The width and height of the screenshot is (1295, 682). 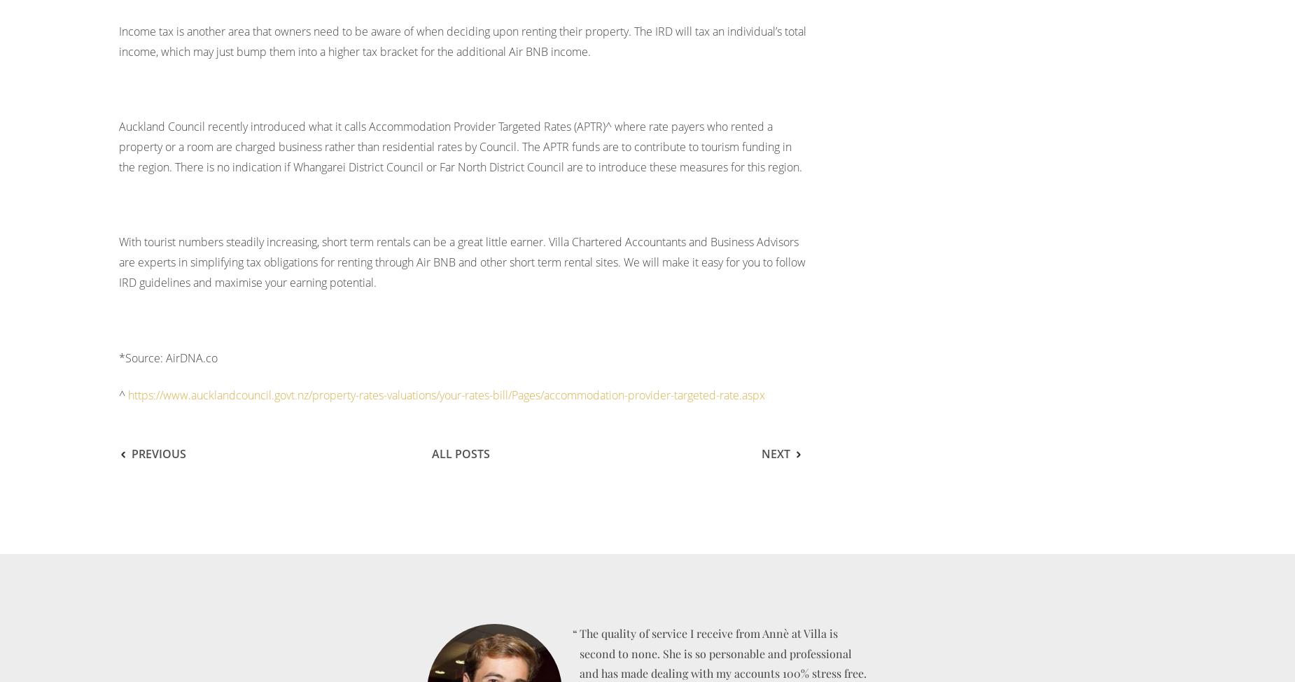 What do you see at coordinates (462, 261) in the screenshot?
I see `'With tourist numbers steadily increasing, short term rentals can be a great little earner. Villa Chartered Accountants and Business Advisors are experts in simplifying tax obligations for renting through Air BNB and other short term rental sites. We will make it easy for you to follow IRD guidelines and maximise your earning potential.'` at bounding box center [462, 261].